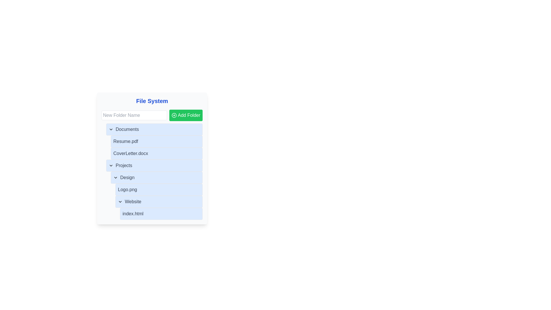 This screenshot has width=551, height=310. What do you see at coordinates (117, 177) in the screenshot?
I see `the chevron/arrow icon to the left of the 'Design' text` at bounding box center [117, 177].